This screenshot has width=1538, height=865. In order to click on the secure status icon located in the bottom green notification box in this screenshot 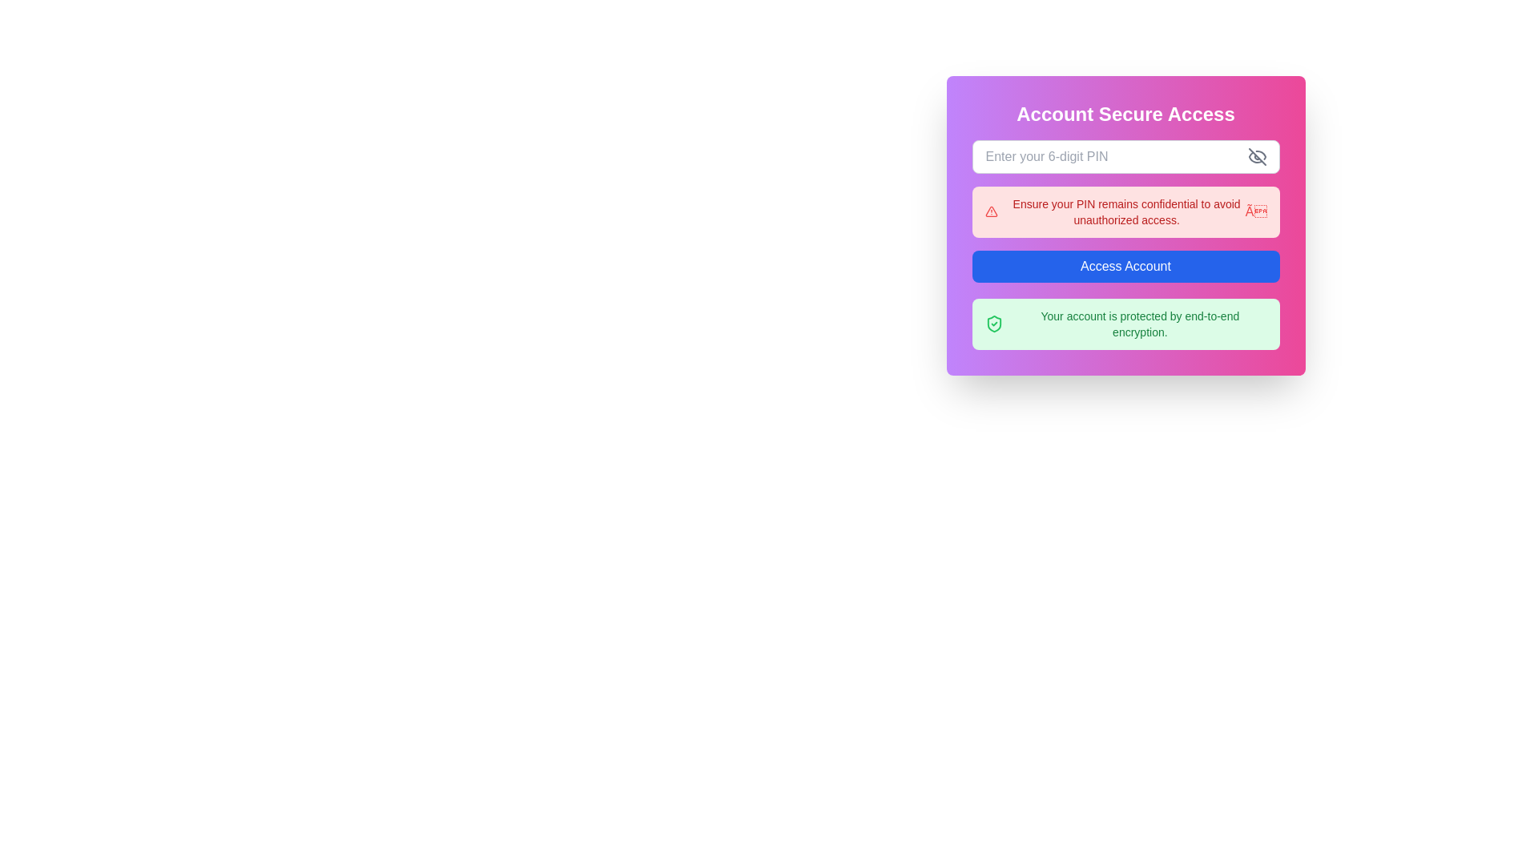, I will do `click(993, 324)`.